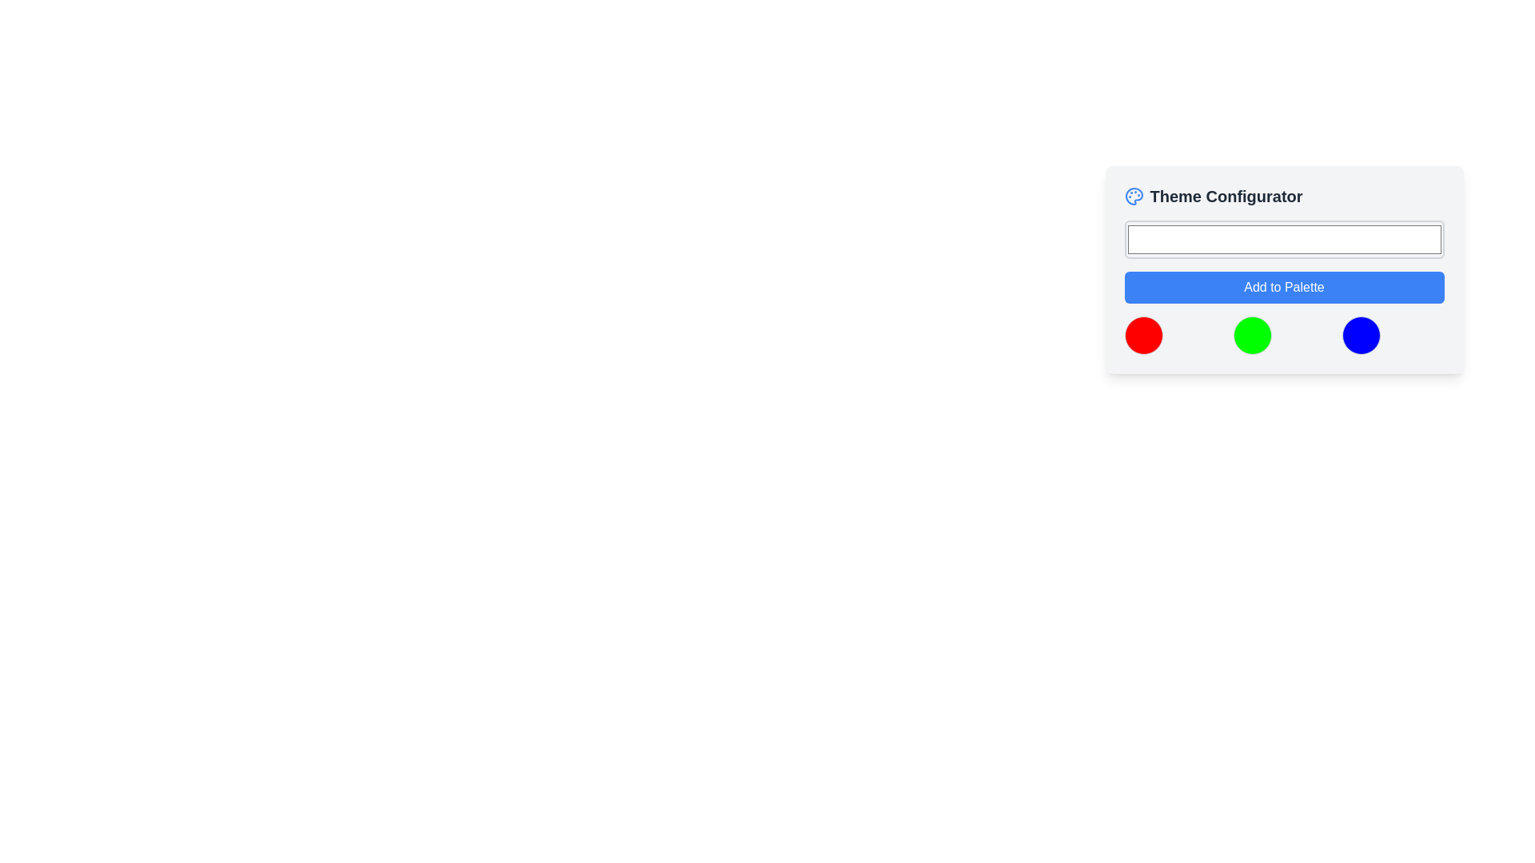 The width and height of the screenshot is (1535, 863). I want to click on the blue circular element with a light gray border, which is the third circle in a row of three within the 'Theme Configurator' panel, located below the 'Add to Palette' button, so click(1360, 335).